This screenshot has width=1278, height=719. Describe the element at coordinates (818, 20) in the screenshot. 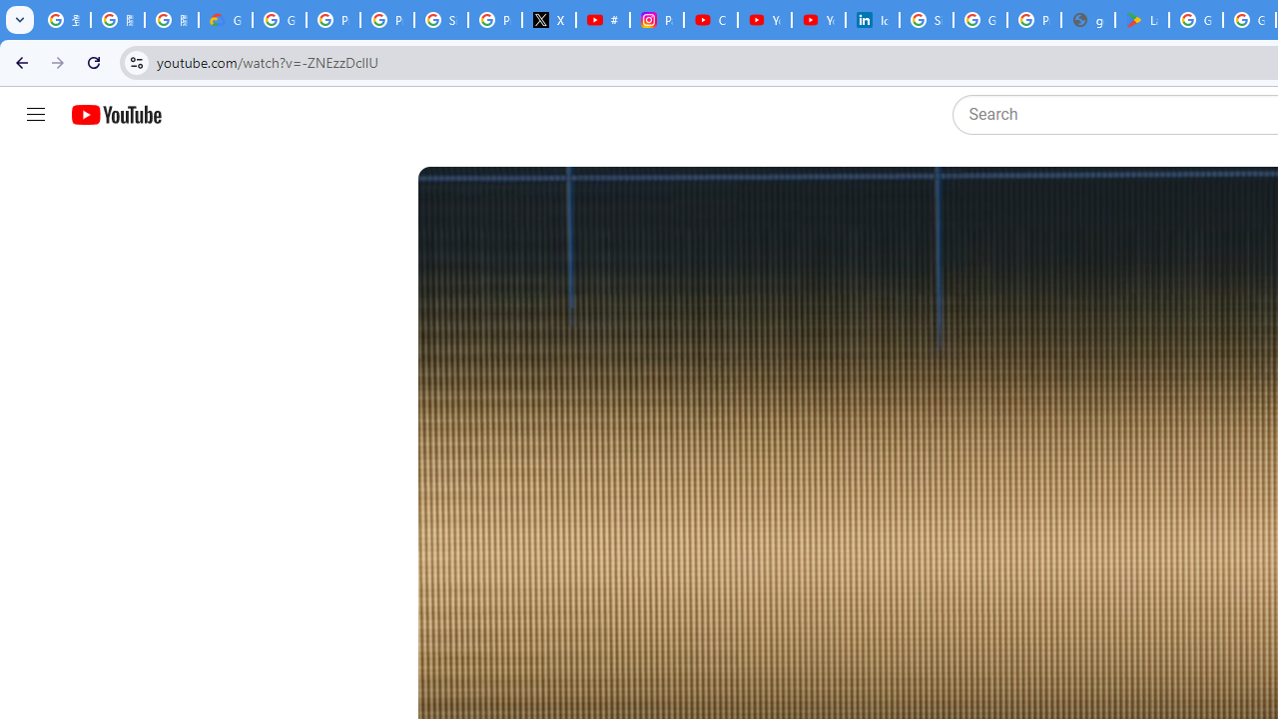

I see `'YouTube Culture & Trends - YouTube Top 10, 2021'` at that location.